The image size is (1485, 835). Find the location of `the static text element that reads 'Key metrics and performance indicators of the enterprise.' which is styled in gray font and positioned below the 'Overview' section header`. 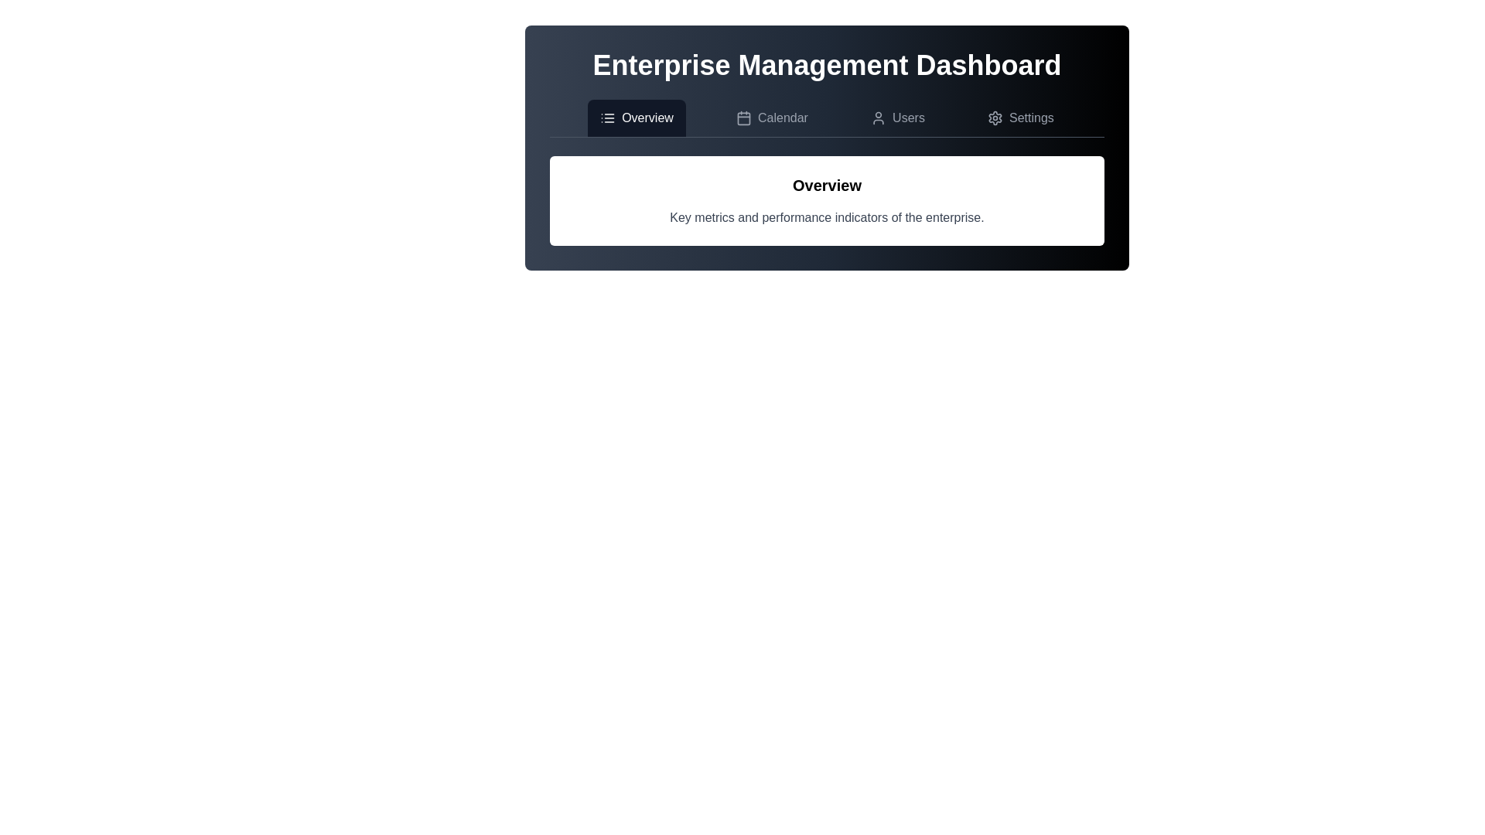

the static text element that reads 'Key metrics and performance indicators of the enterprise.' which is styled in gray font and positioned below the 'Overview' section header is located at coordinates (826, 217).